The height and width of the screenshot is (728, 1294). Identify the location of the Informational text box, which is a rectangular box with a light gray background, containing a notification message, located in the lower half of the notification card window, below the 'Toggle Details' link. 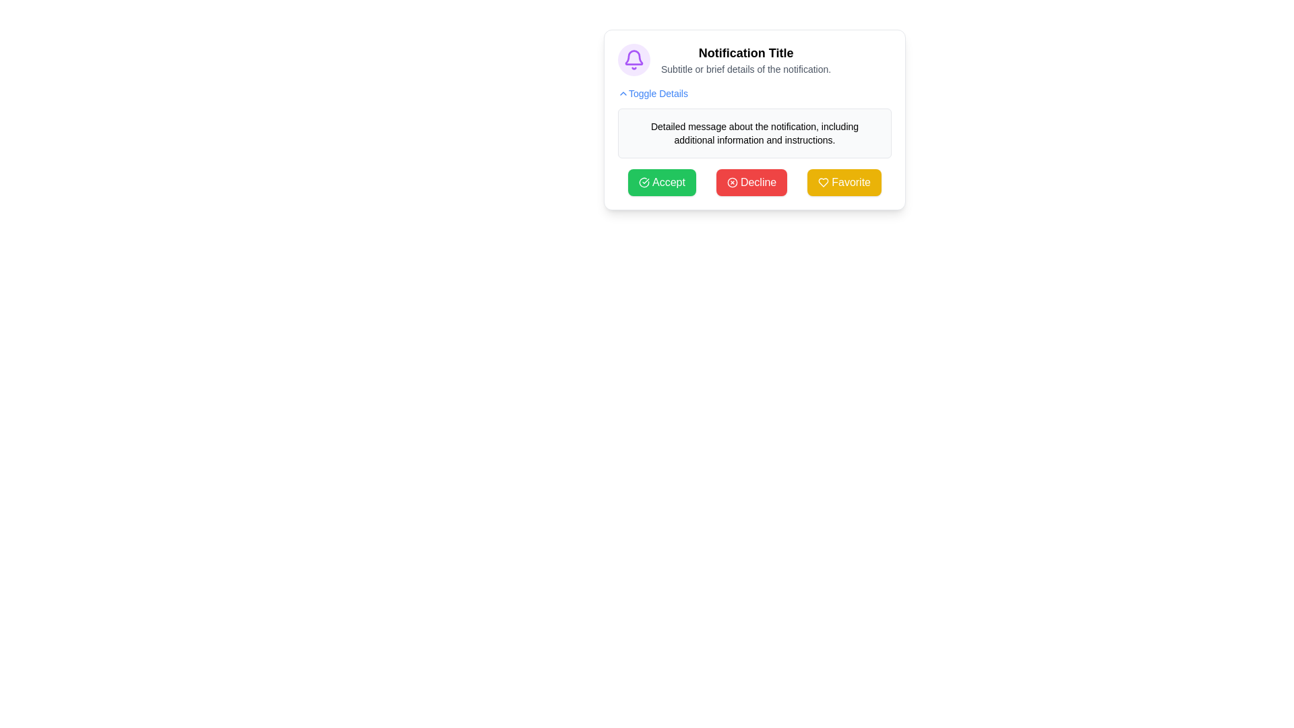
(753, 133).